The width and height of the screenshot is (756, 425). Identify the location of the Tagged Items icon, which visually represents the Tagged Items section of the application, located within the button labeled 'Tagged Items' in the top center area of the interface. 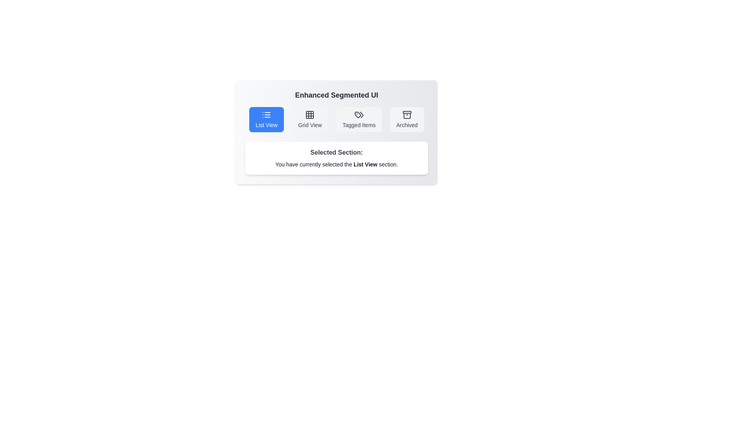
(359, 115).